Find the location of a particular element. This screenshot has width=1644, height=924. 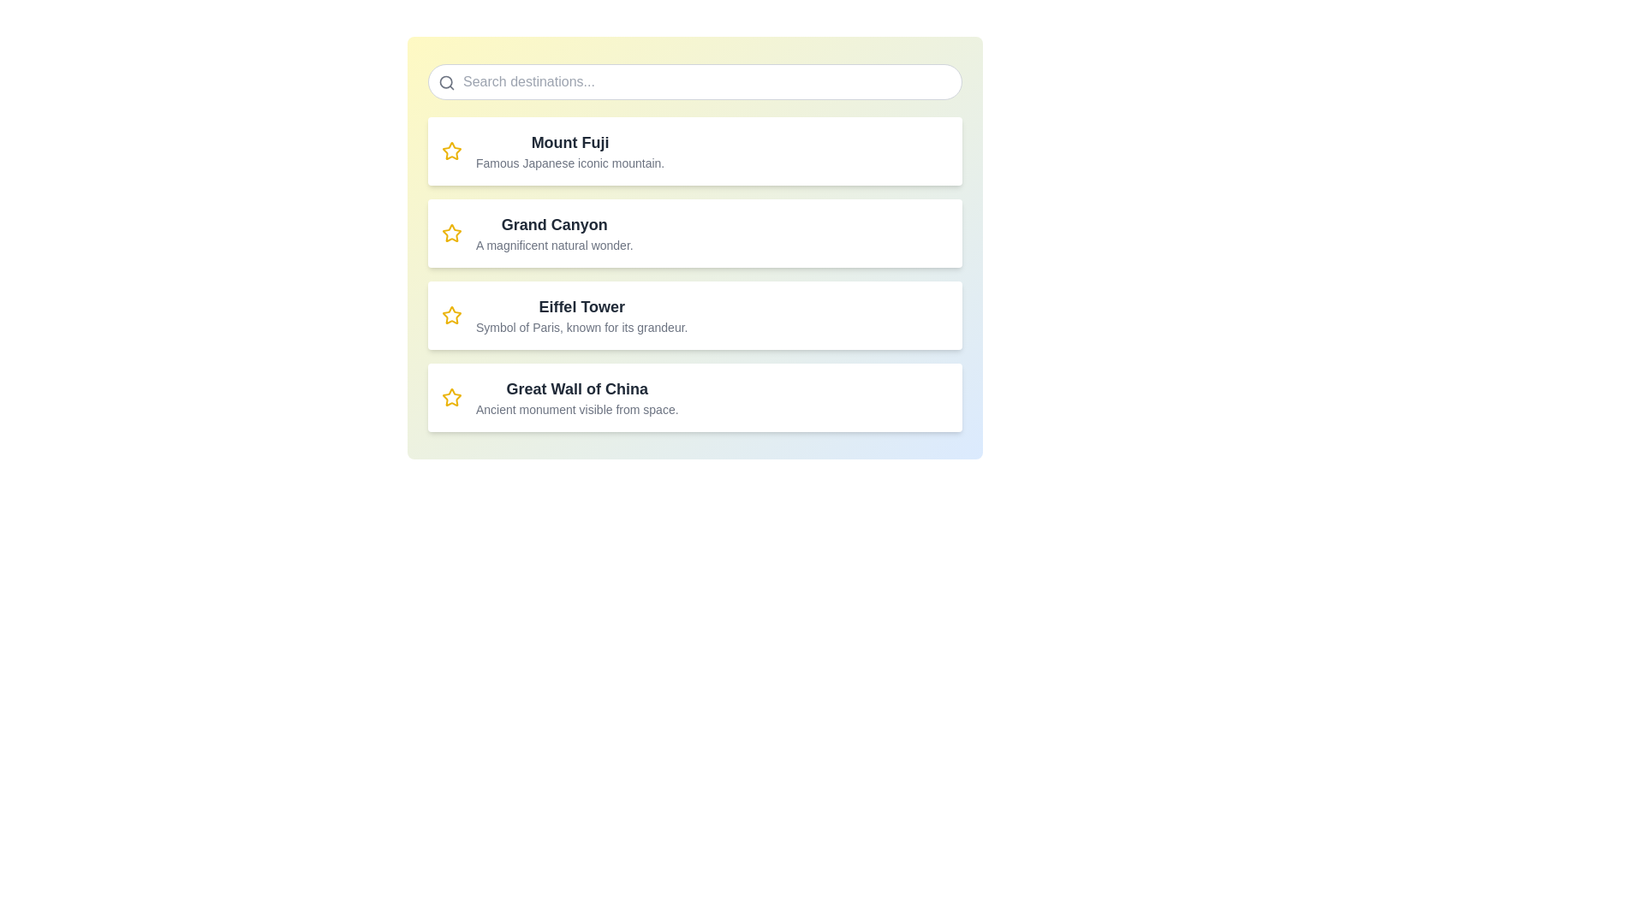

the card containing the Text block about the Great Wall of China, which is the fourth item in the vertical list, and includes a star icon preceding the text is located at coordinates (577, 398).